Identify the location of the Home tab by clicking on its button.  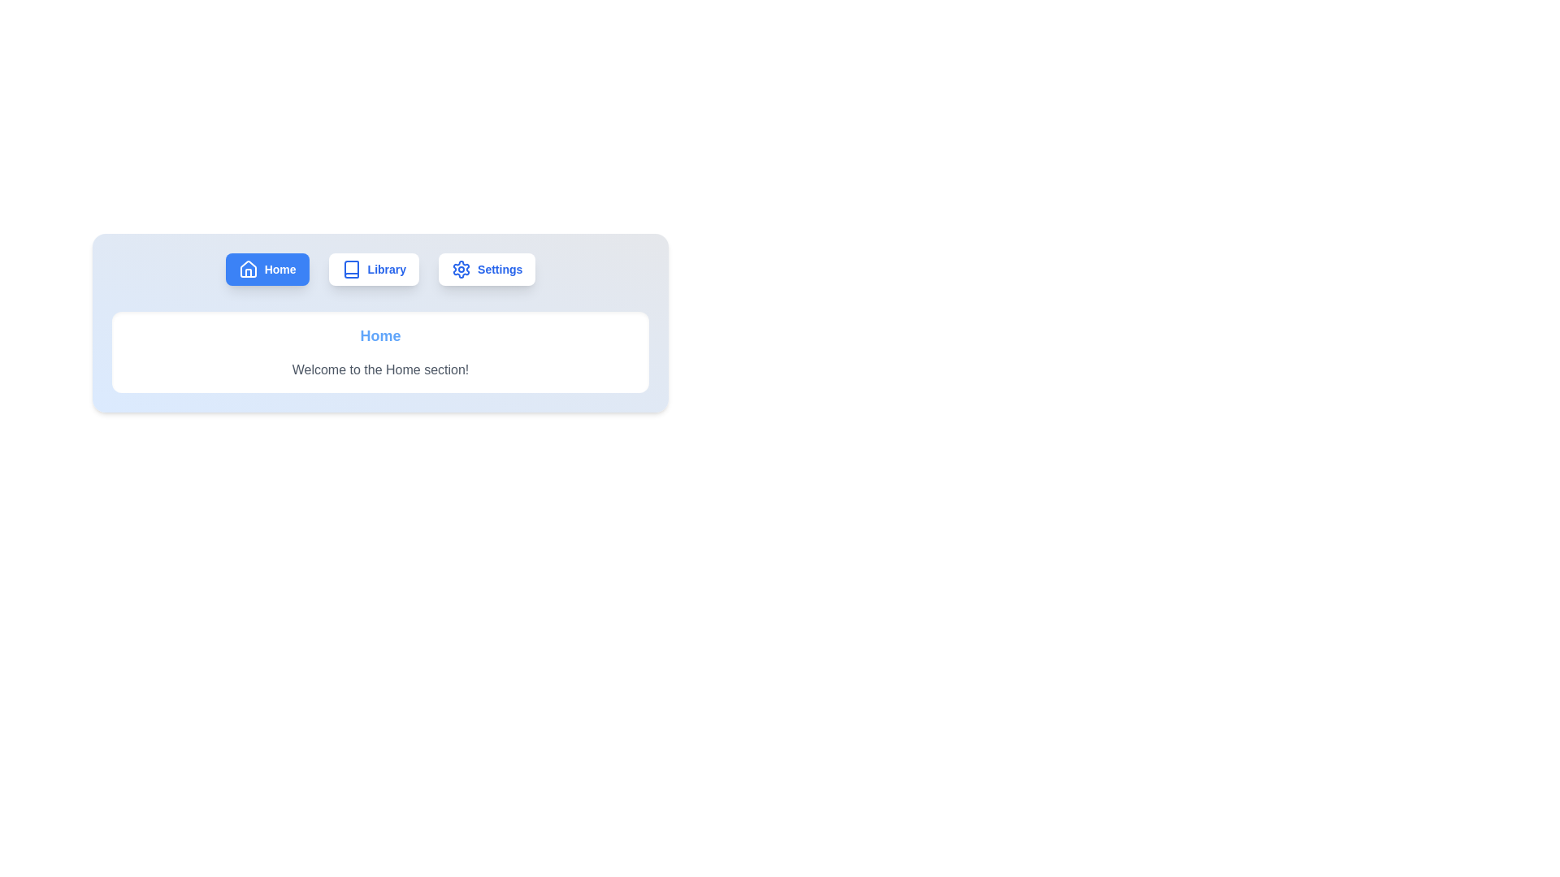
(267, 268).